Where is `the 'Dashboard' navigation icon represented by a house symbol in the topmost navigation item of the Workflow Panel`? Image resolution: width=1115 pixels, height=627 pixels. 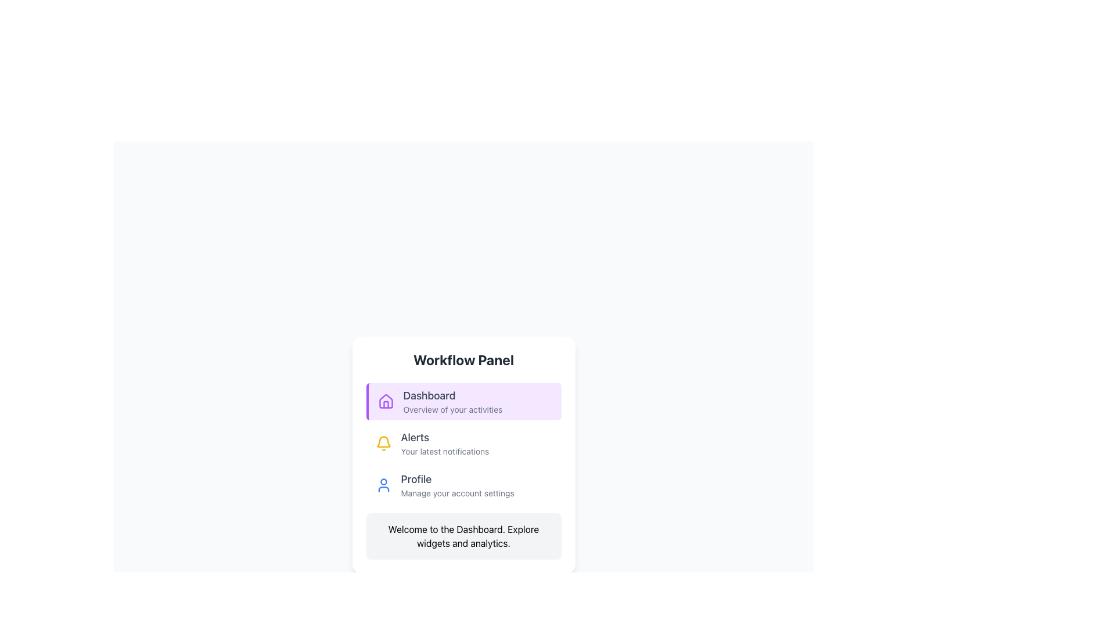 the 'Dashboard' navigation icon represented by a house symbol in the topmost navigation item of the Workflow Panel is located at coordinates (386, 401).